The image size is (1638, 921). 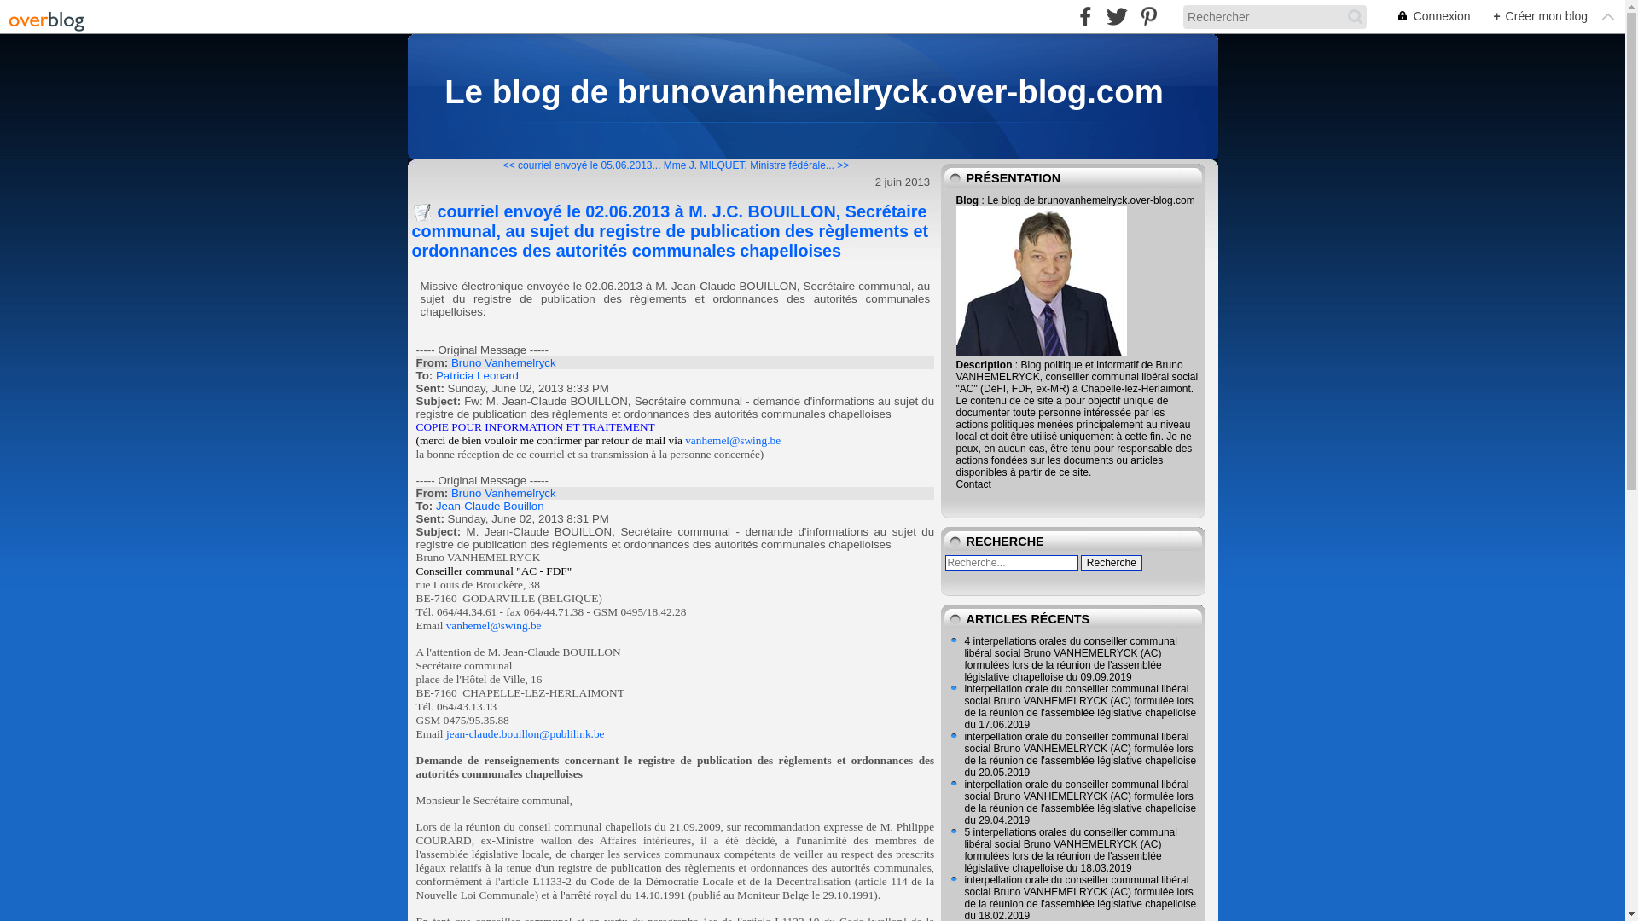 I want to click on ' facebook', so click(x=1084, y=16).